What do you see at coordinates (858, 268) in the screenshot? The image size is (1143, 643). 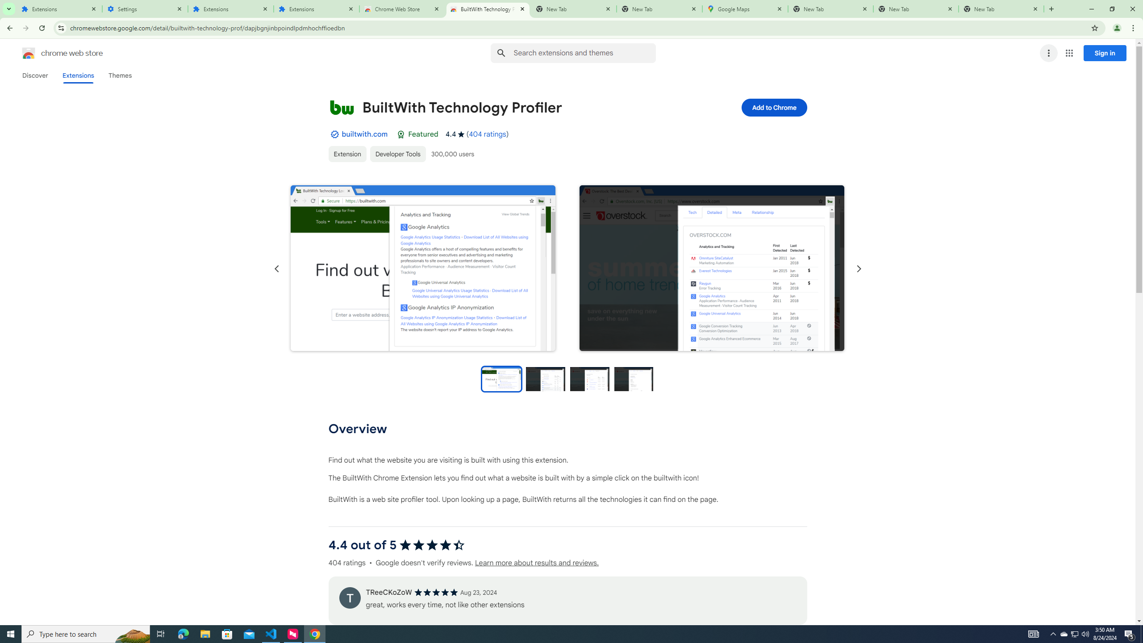 I see `'Next slide'` at bounding box center [858, 268].